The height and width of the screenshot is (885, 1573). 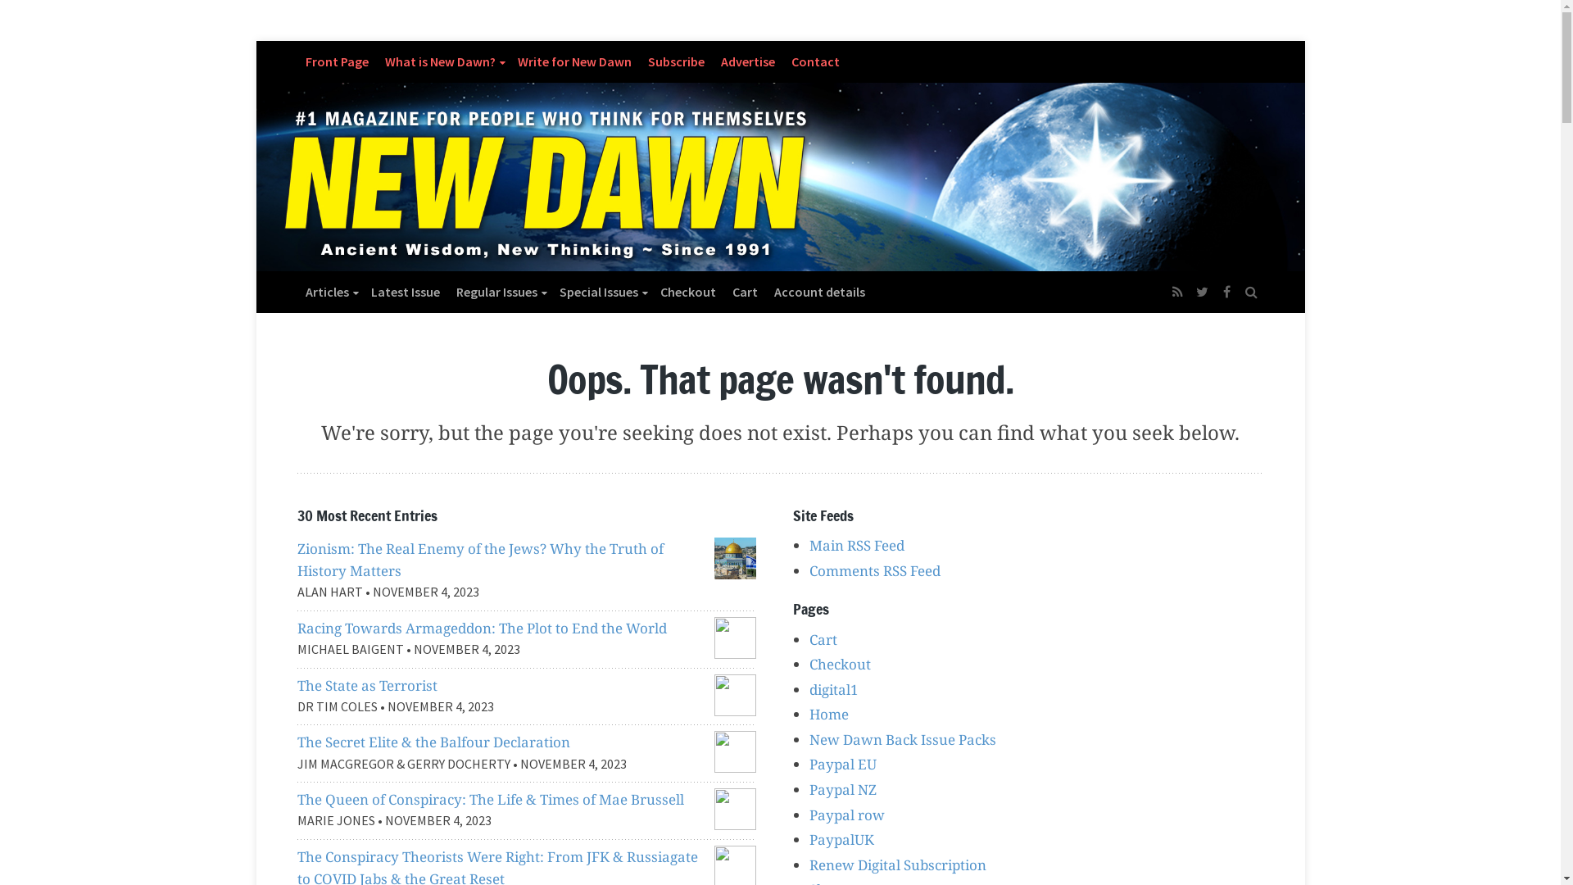 What do you see at coordinates (405, 290) in the screenshot?
I see `'Latest Issue'` at bounding box center [405, 290].